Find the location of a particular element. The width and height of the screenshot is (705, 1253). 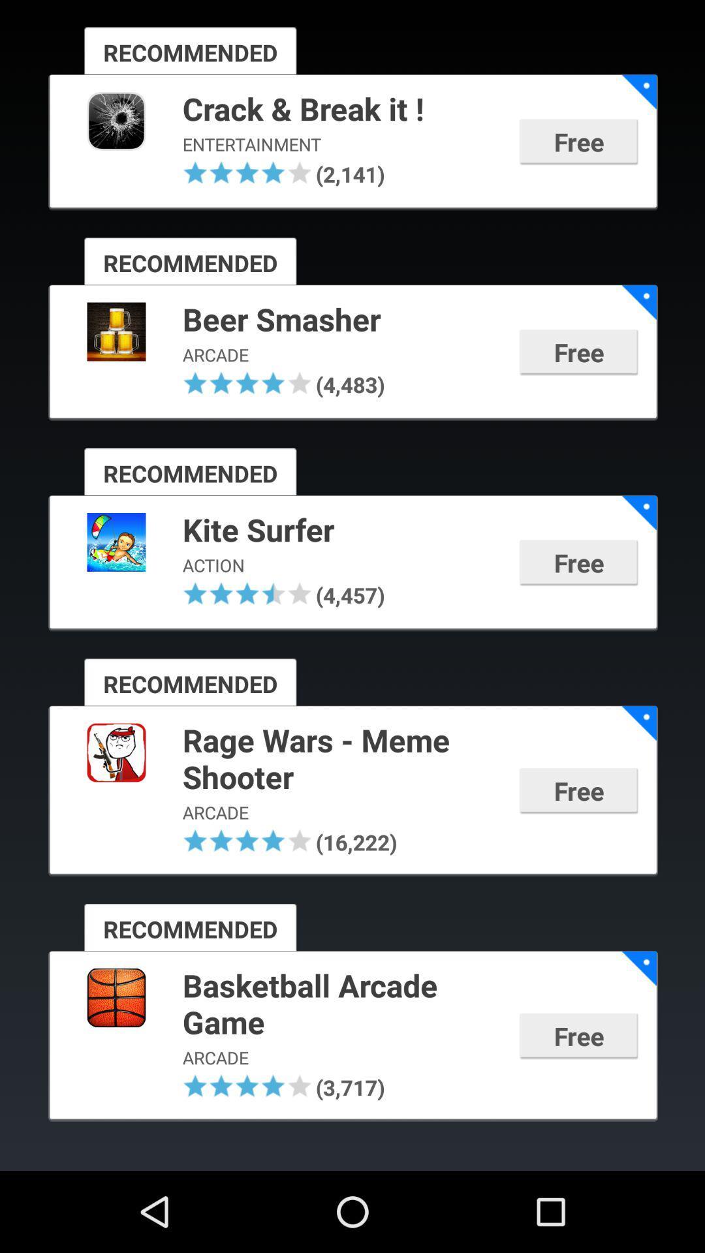

item next to the free is located at coordinates (341, 531).